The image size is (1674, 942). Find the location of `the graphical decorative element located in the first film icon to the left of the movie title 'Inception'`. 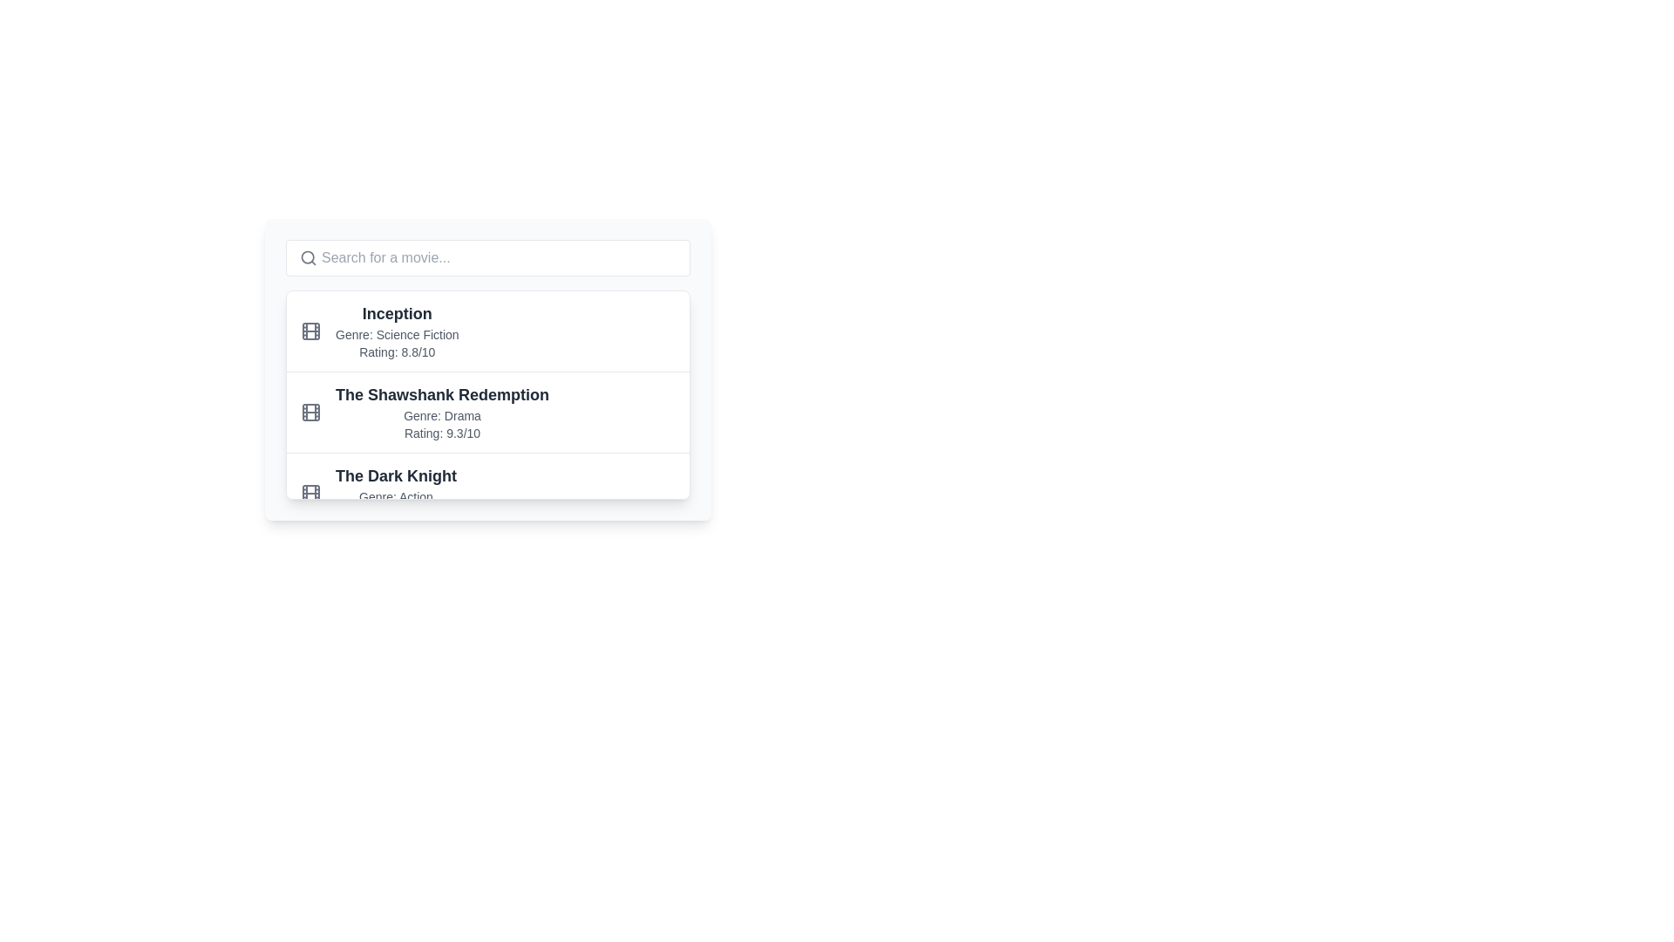

the graphical decorative element located in the first film icon to the left of the movie title 'Inception' is located at coordinates (310, 331).